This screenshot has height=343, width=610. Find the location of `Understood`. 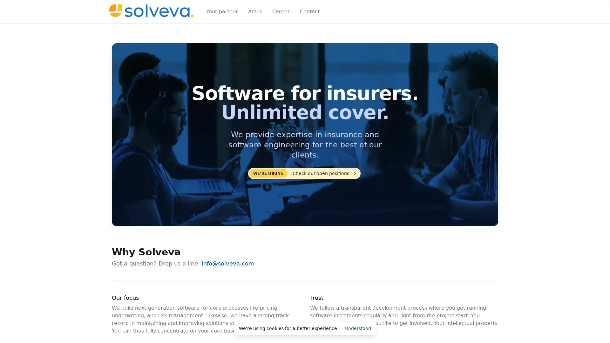

Understood is located at coordinates (358, 328).